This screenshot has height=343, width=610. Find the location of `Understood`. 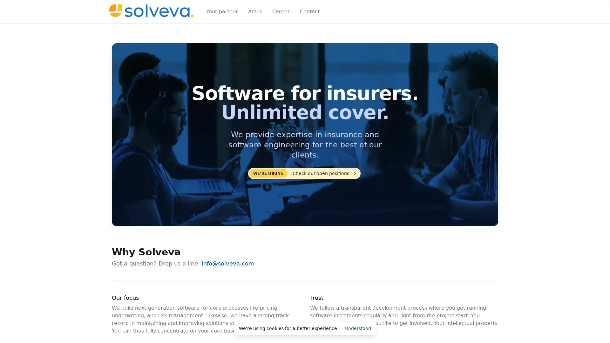

Understood is located at coordinates (358, 328).